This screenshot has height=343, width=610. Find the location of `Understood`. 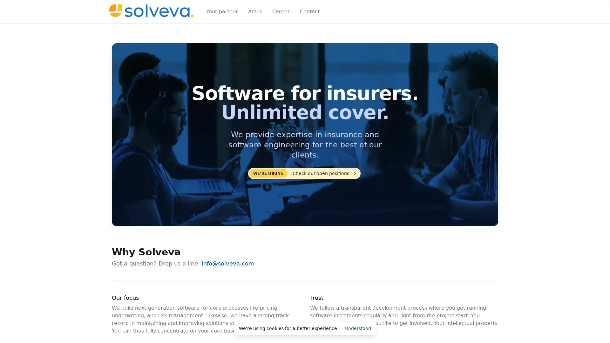

Understood is located at coordinates (358, 328).